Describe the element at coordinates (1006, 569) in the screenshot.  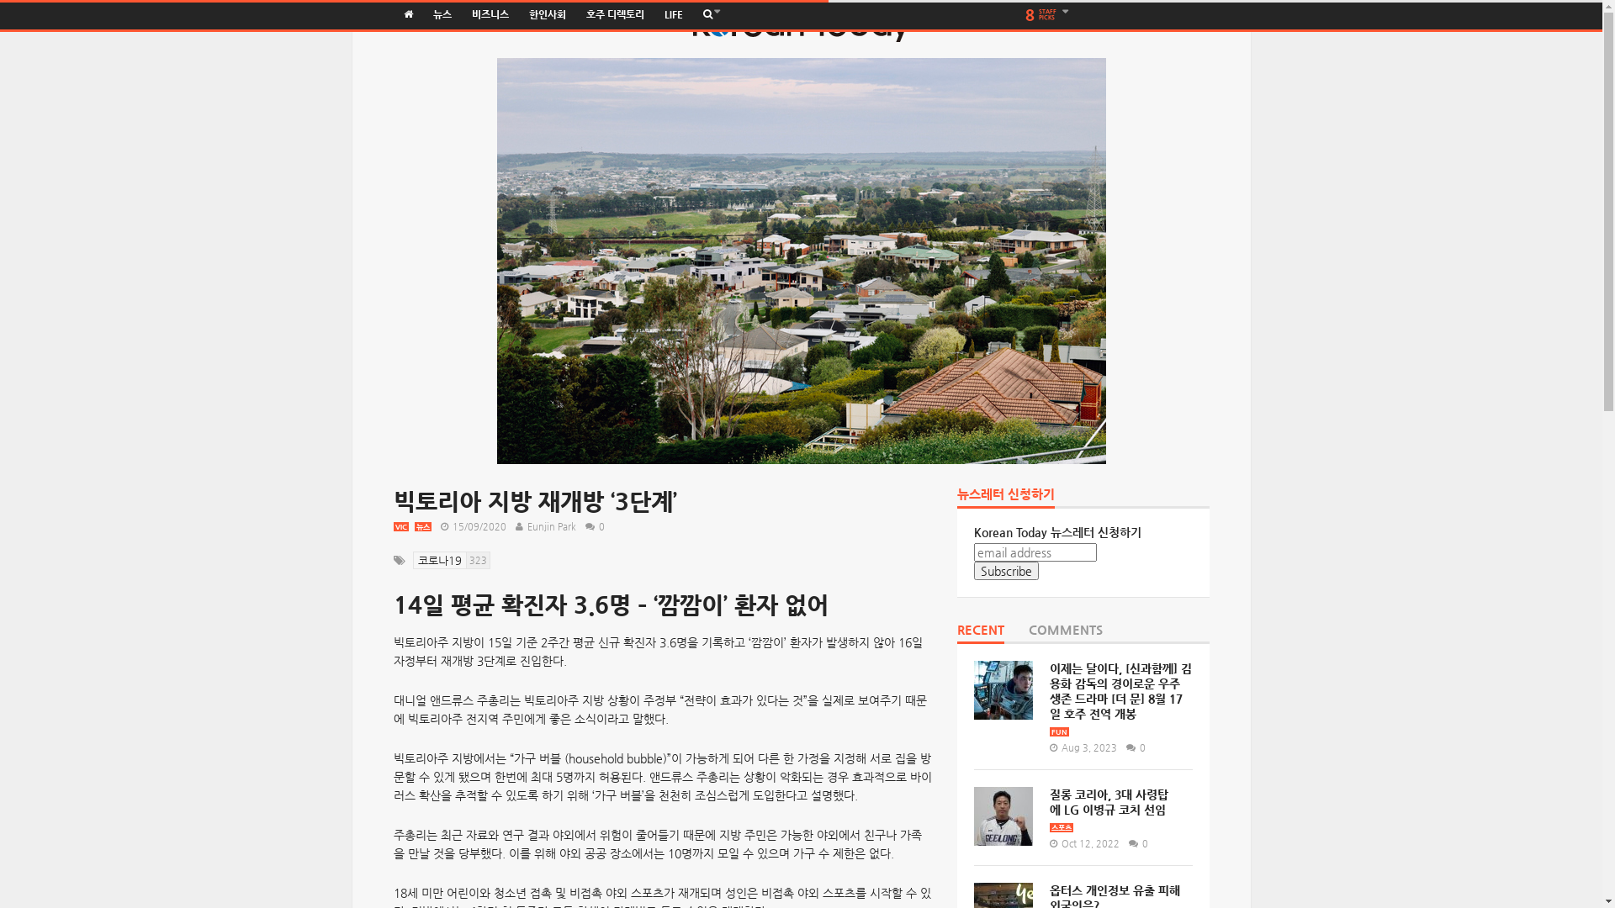
I see `'Subscribe'` at that location.